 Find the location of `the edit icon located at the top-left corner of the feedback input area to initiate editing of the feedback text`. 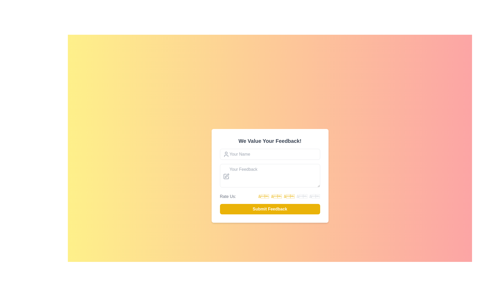

the edit icon located at the top-left corner of the feedback input area to initiate editing of the feedback text is located at coordinates (226, 176).